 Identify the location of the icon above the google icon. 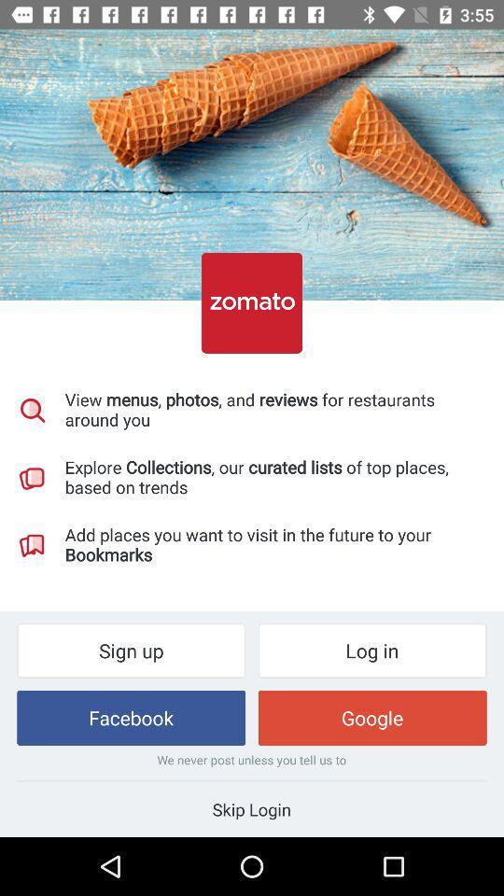
(372, 651).